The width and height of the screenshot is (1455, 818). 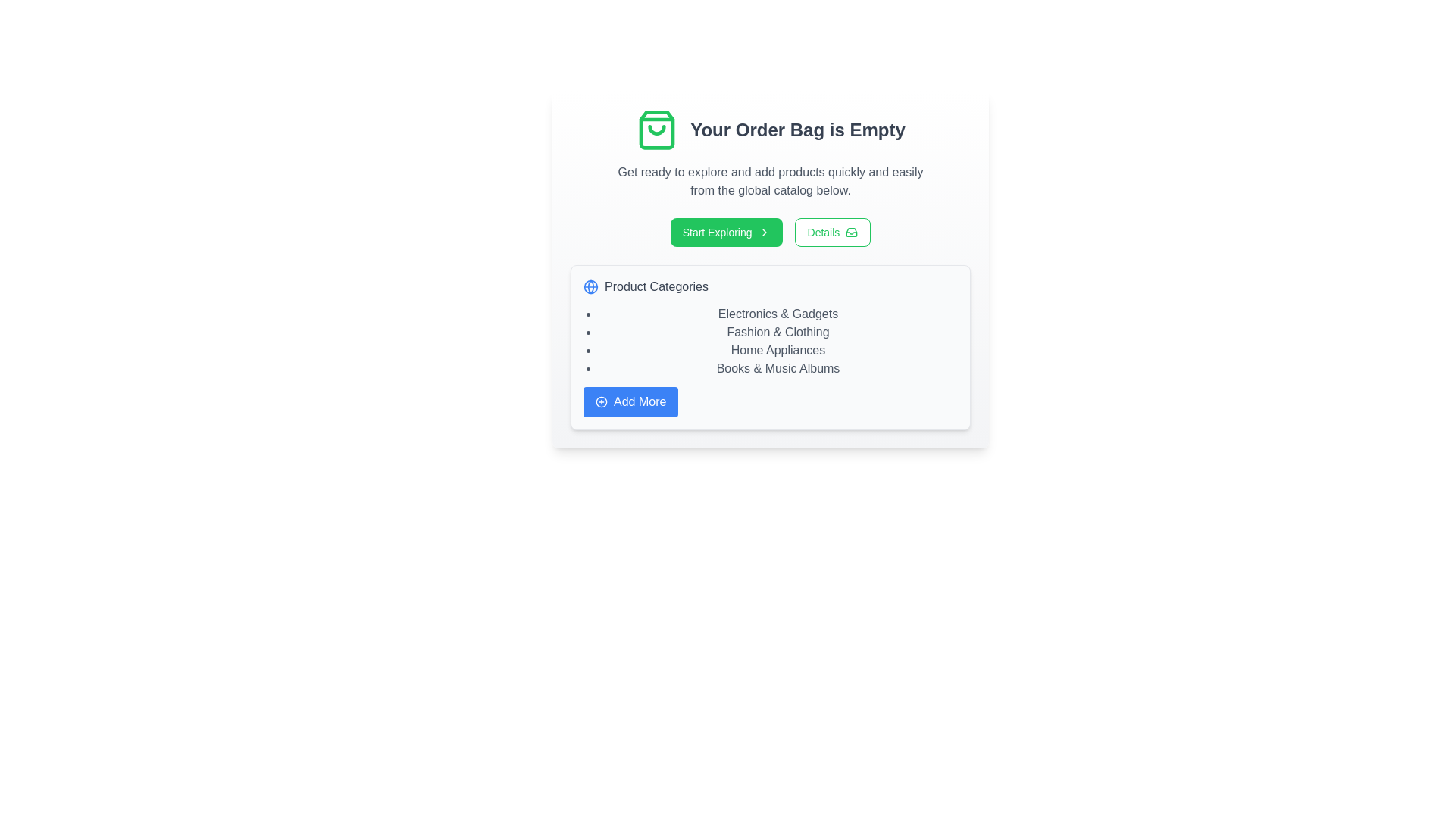 What do you see at coordinates (852, 233) in the screenshot?
I see `the inbox icon, which is a hollow stroke design resembling an envelope located to the right of the 'Start Exploring' button` at bounding box center [852, 233].